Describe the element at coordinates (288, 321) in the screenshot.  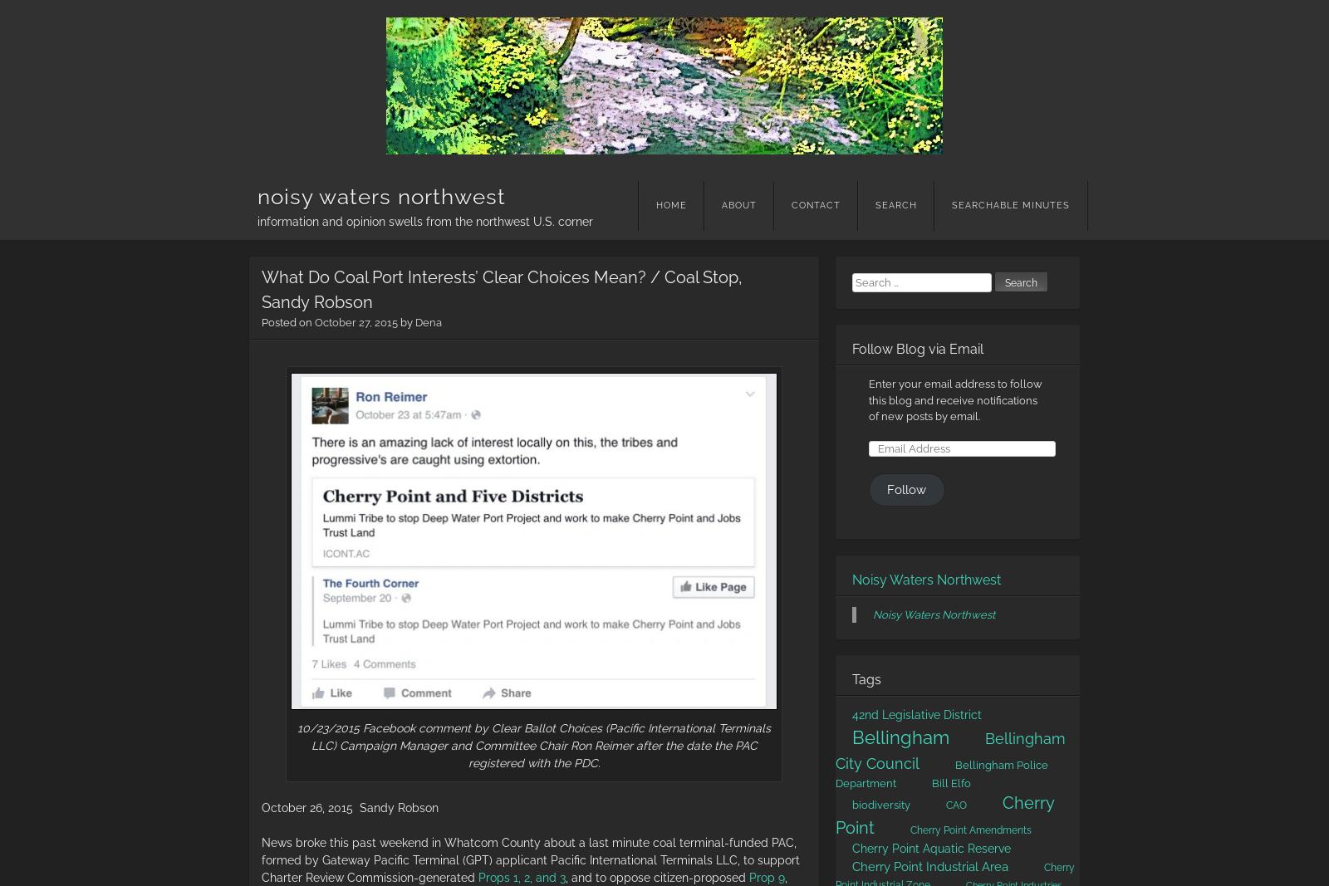
I see `'Posted on'` at that location.